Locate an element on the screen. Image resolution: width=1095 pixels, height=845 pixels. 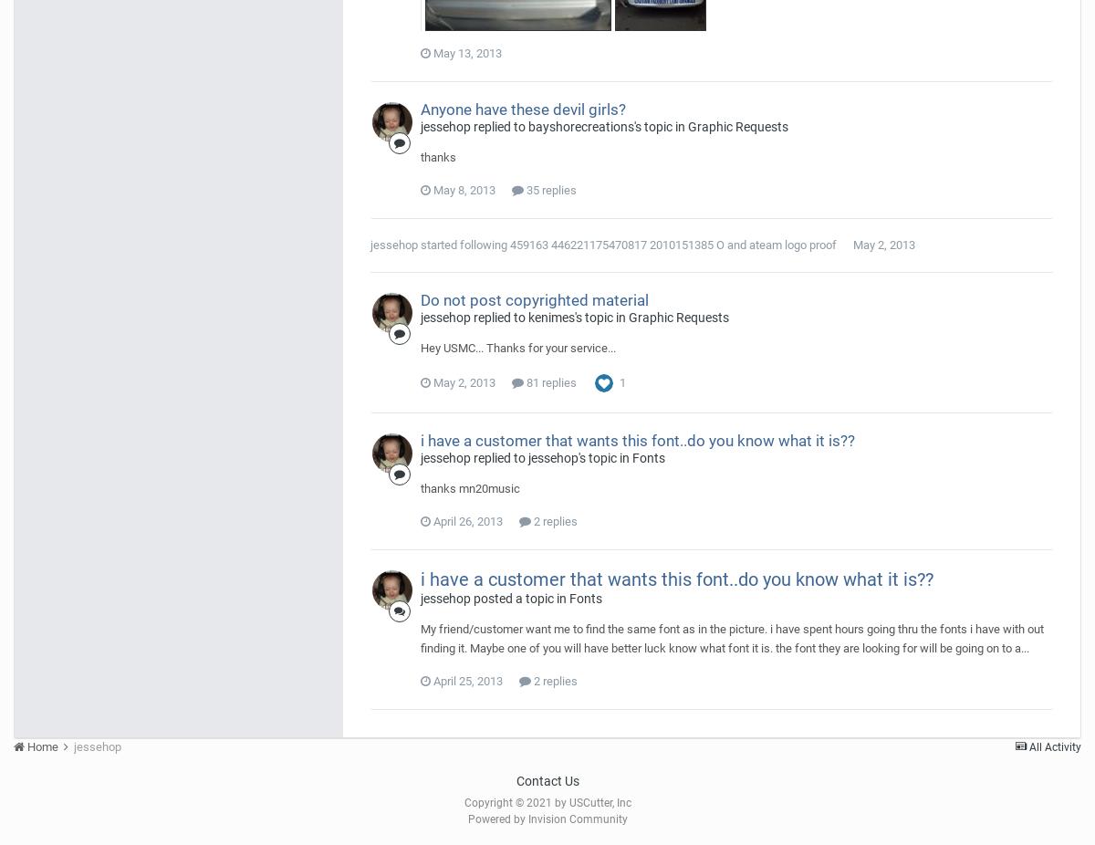
'started following' is located at coordinates (463, 244).